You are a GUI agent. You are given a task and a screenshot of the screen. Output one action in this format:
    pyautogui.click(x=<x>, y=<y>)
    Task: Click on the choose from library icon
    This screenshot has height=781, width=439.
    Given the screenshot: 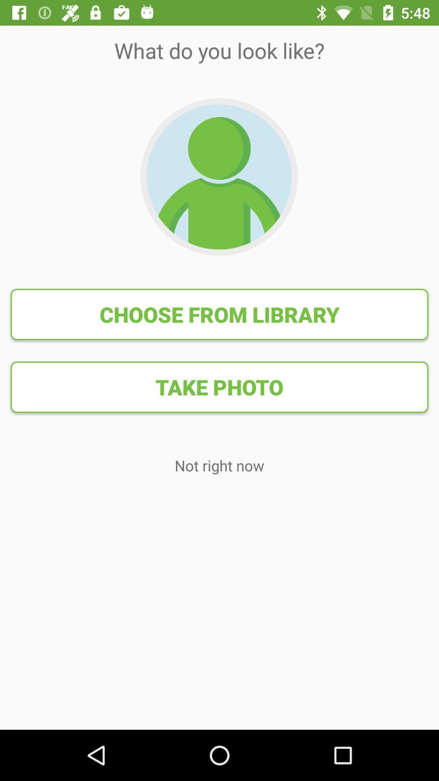 What is the action you would take?
    pyautogui.click(x=219, y=314)
    